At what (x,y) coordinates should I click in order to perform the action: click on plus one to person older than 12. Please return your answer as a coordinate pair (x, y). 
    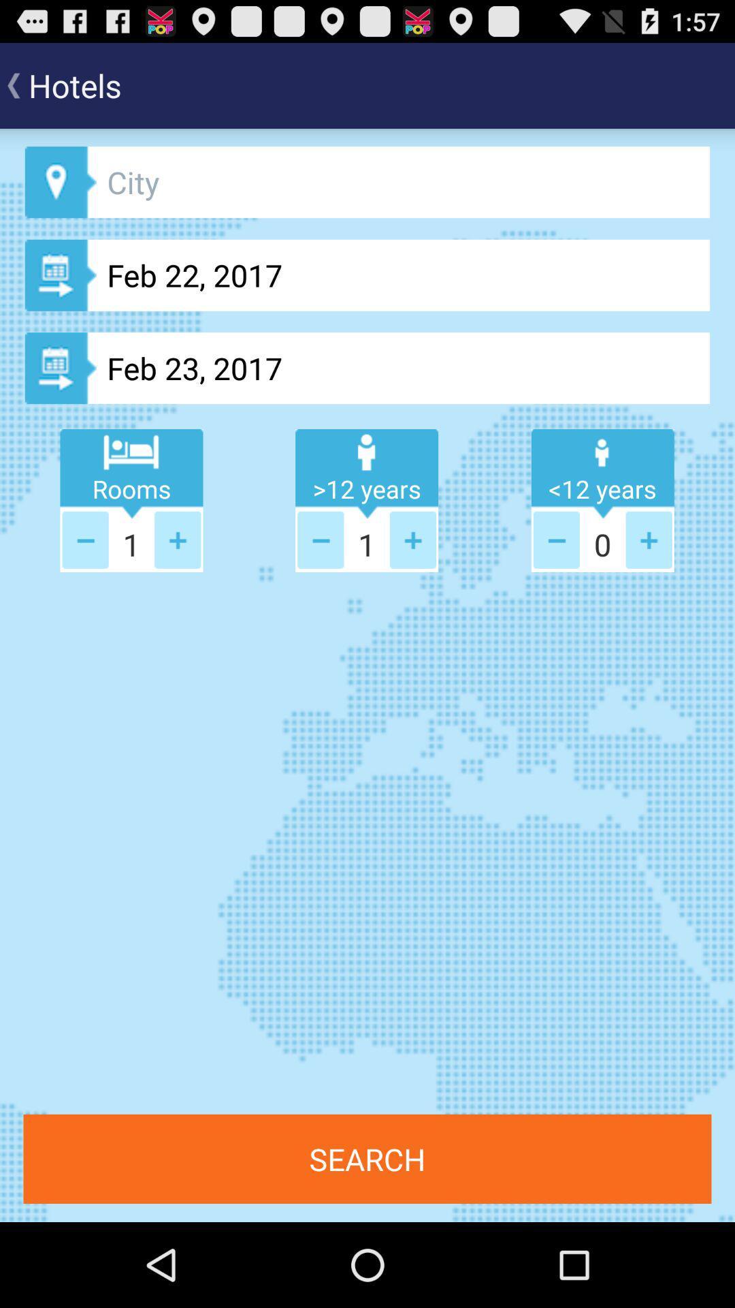
    Looking at the image, I should click on (648, 539).